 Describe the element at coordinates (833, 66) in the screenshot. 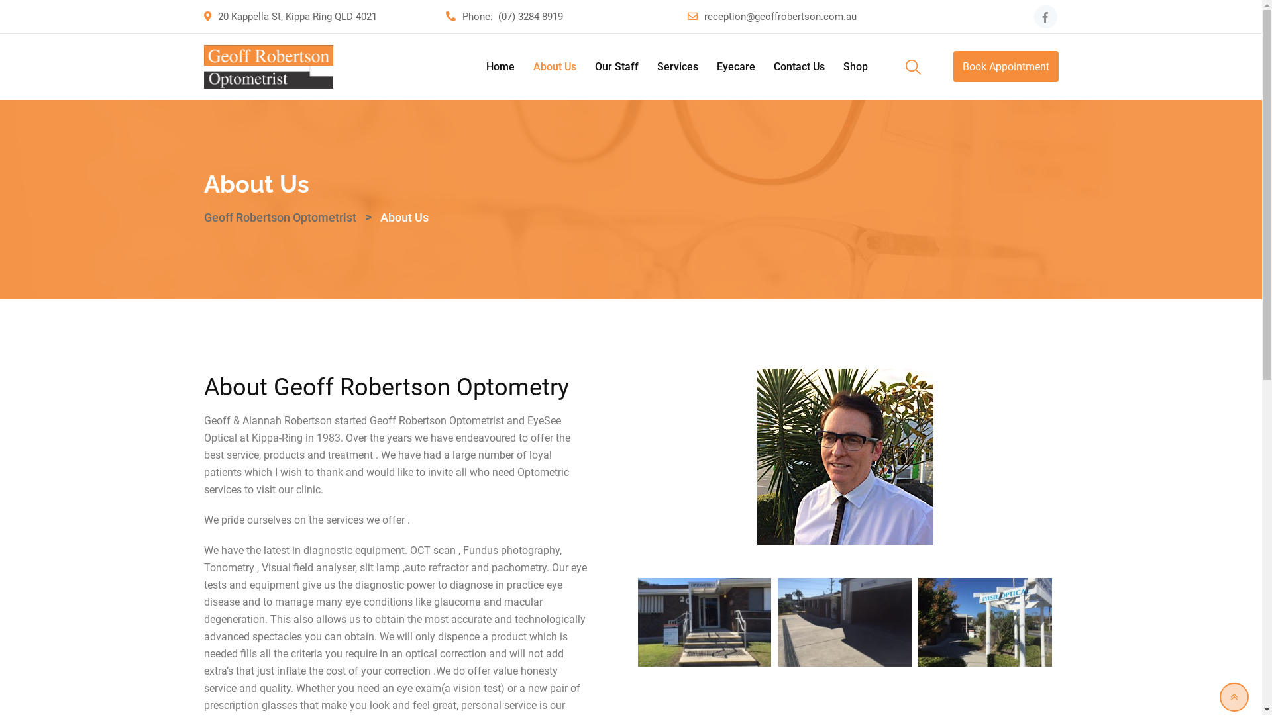

I see `'Shop'` at that location.